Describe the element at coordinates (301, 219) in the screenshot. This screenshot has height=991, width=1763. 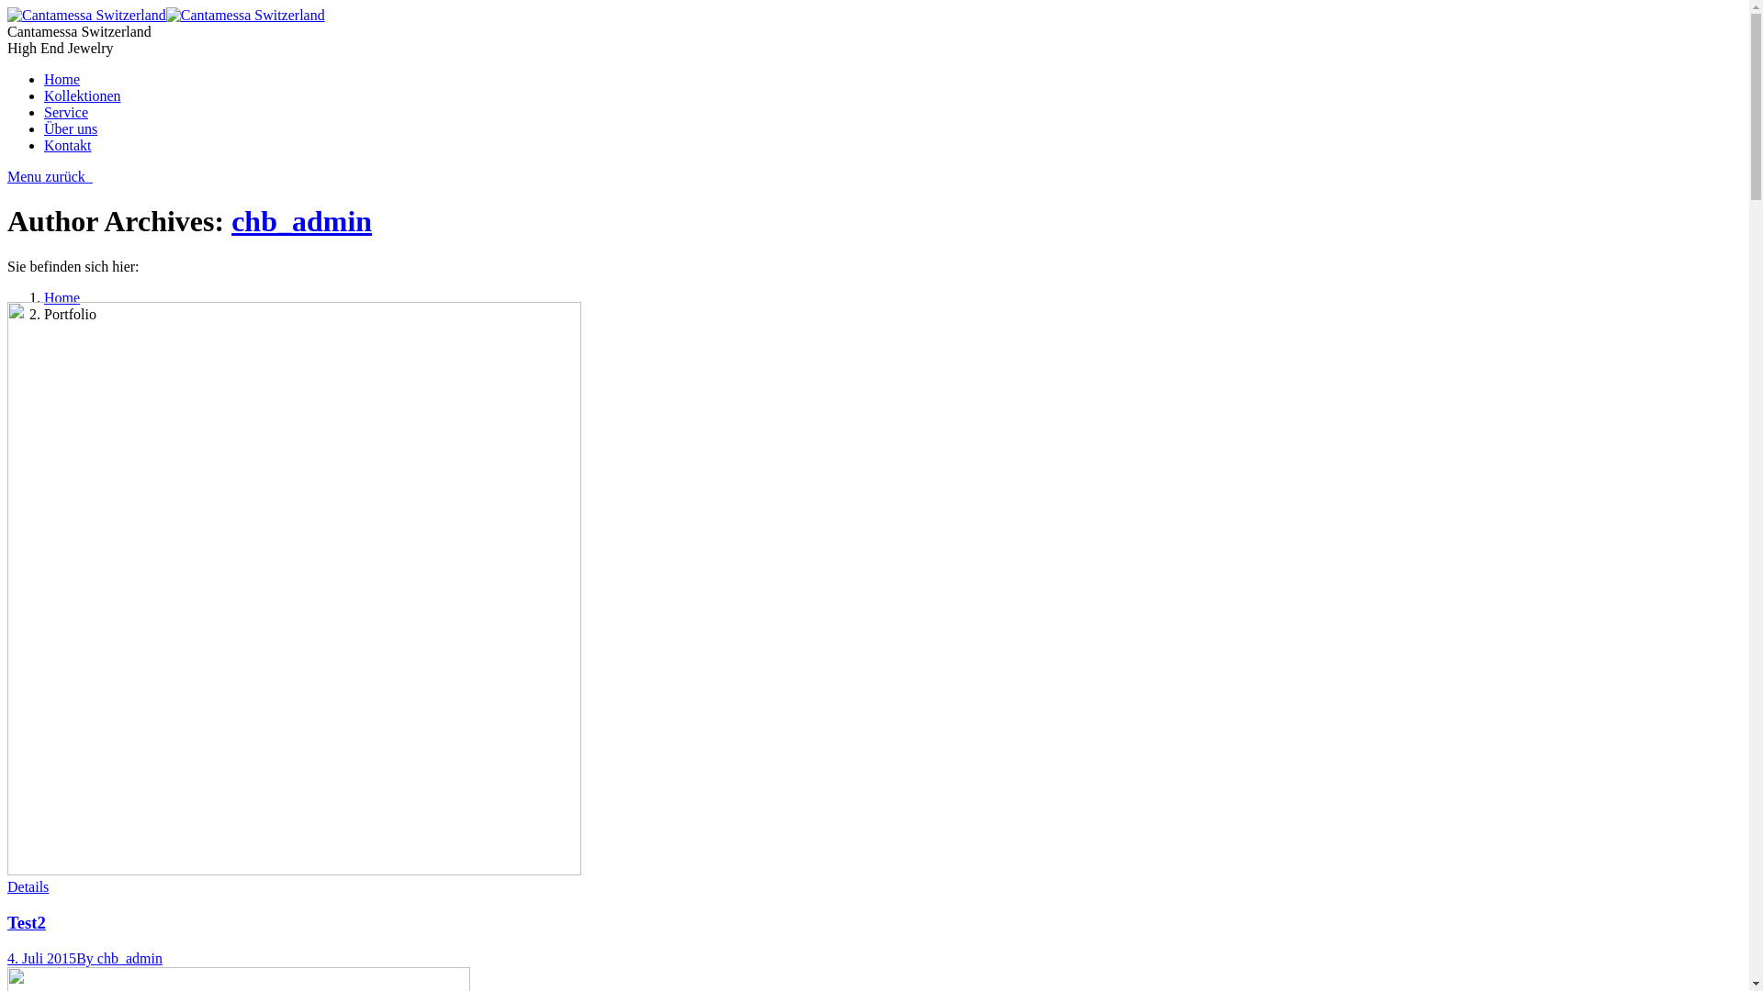
I see `'chb_admin'` at that location.